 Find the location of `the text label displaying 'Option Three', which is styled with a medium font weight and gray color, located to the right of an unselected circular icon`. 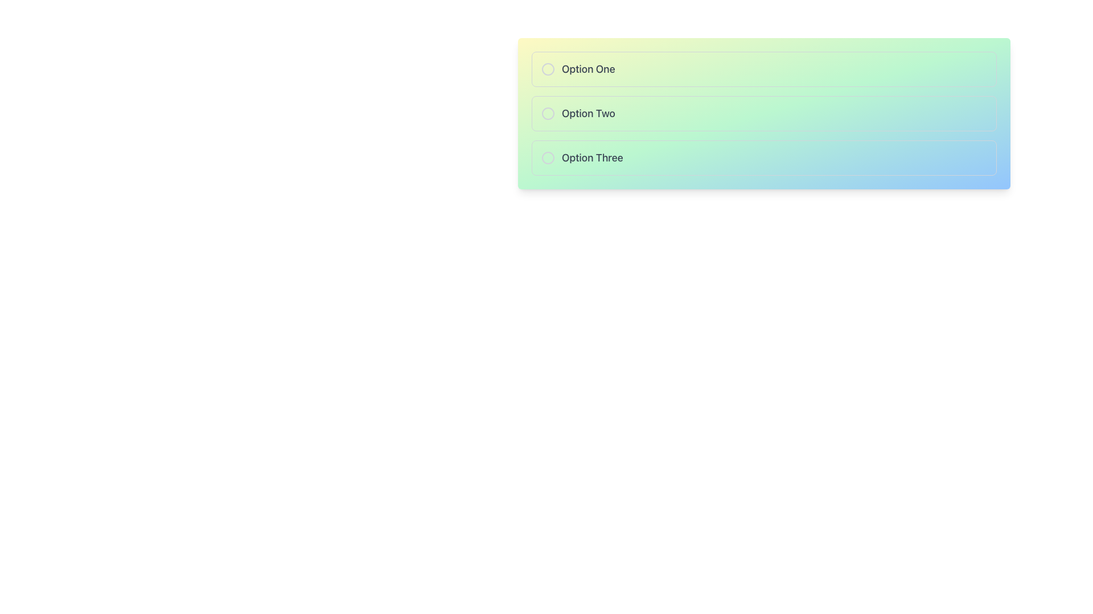

the text label displaying 'Option Three', which is styled with a medium font weight and gray color, located to the right of an unselected circular icon is located at coordinates (592, 157).